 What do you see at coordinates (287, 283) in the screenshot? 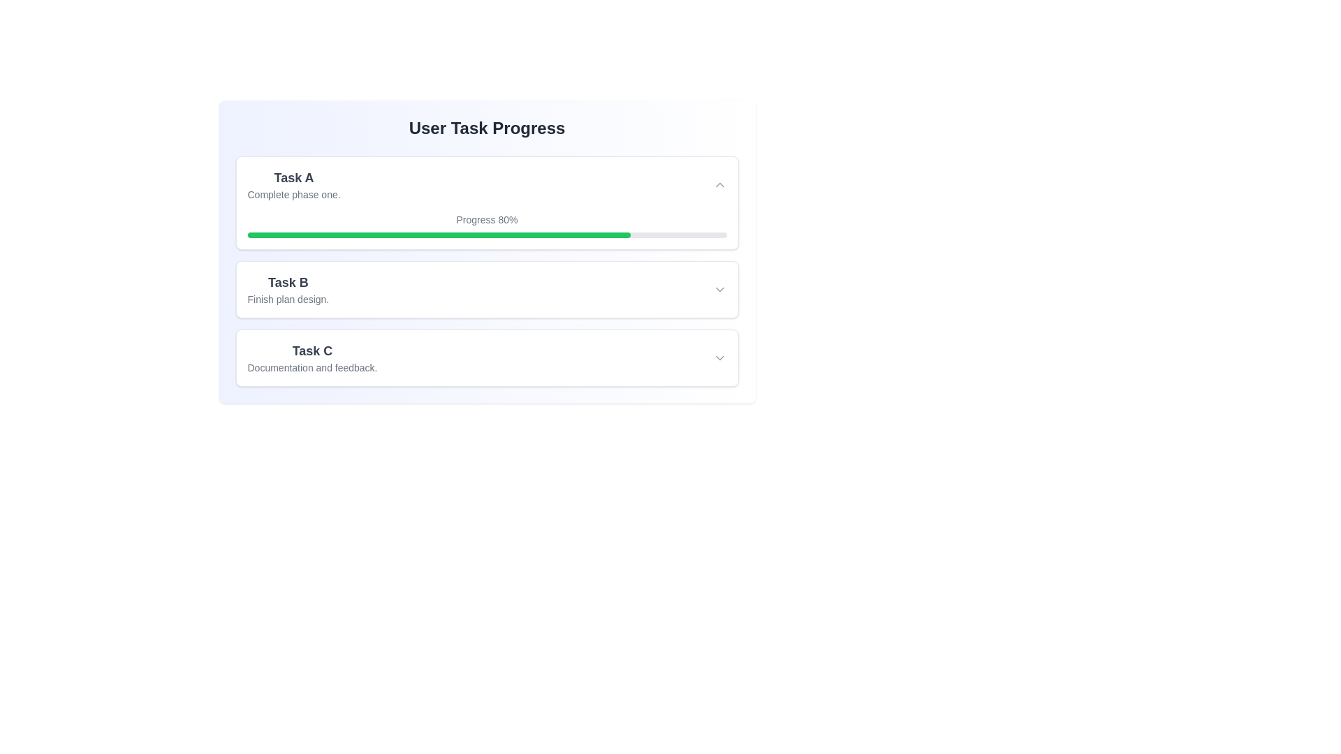
I see `the Text label that serves as the title for 'Task B', positioned within the second task card above the description text 'Finish plan design'` at bounding box center [287, 283].